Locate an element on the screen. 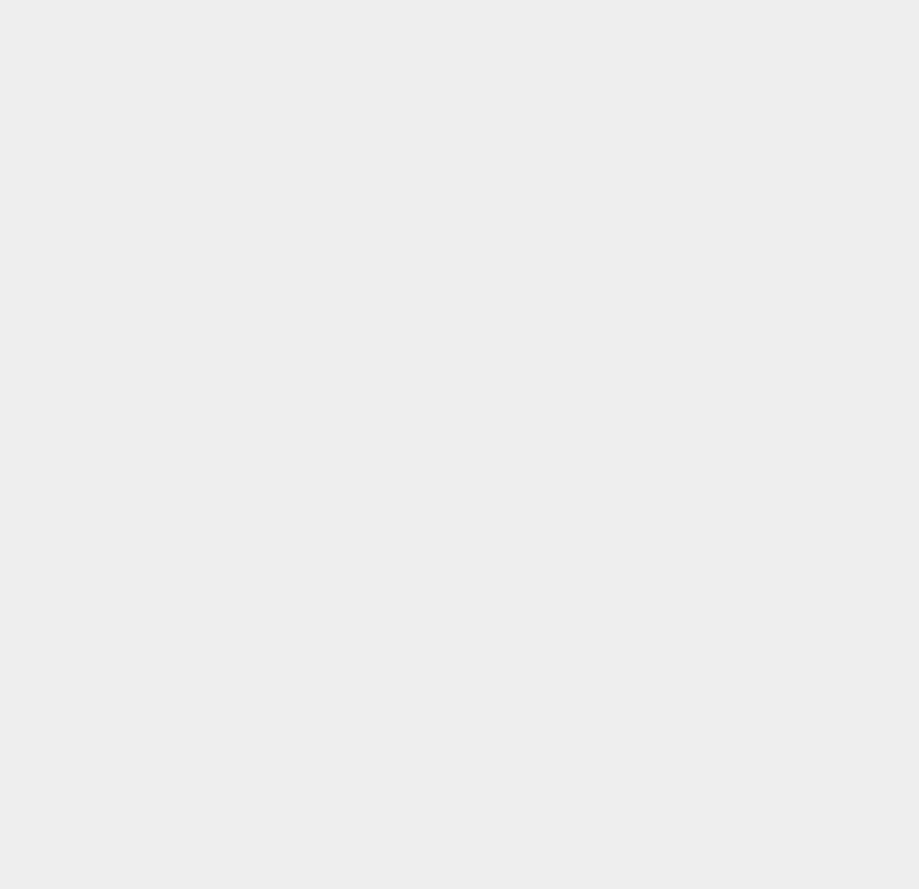 The width and height of the screenshot is (919, 889). 'Web Domains' is located at coordinates (685, 223).